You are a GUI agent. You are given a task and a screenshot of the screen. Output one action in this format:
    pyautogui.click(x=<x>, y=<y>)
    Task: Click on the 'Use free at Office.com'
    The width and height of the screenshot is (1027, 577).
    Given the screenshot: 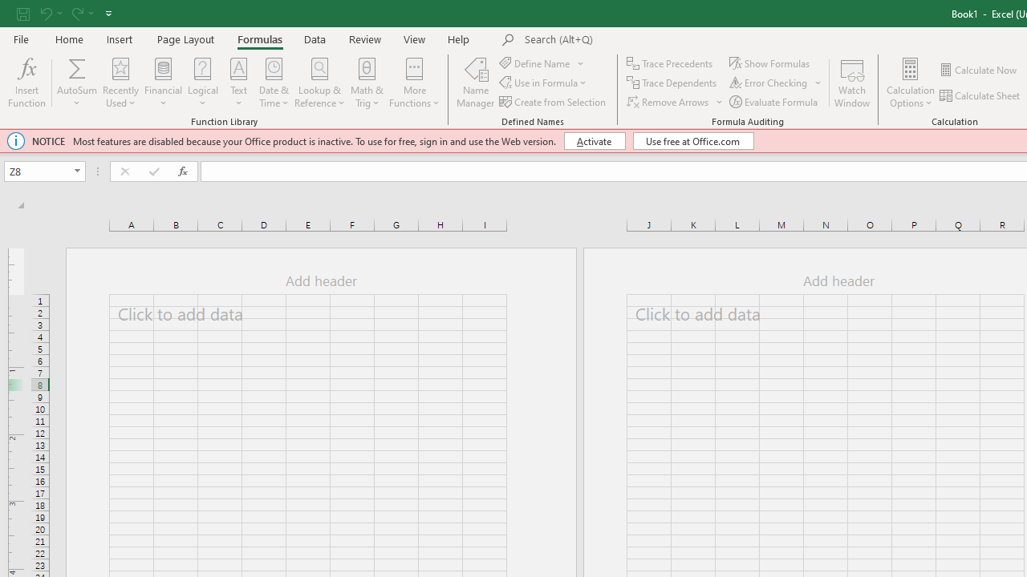 What is the action you would take?
    pyautogui.click(x=693, y=140)
    